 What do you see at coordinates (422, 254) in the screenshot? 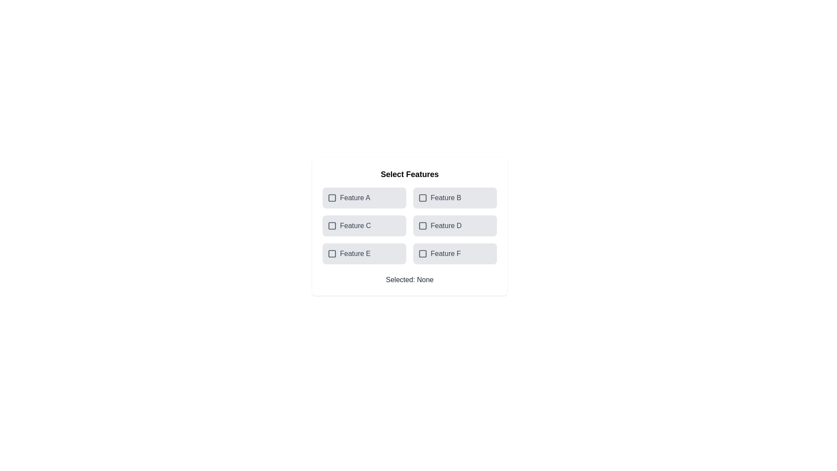
I see `the Checkbox indicator located at the bottom-right corner of the grid for 'Feature F'` at bounding box center [422, 254].